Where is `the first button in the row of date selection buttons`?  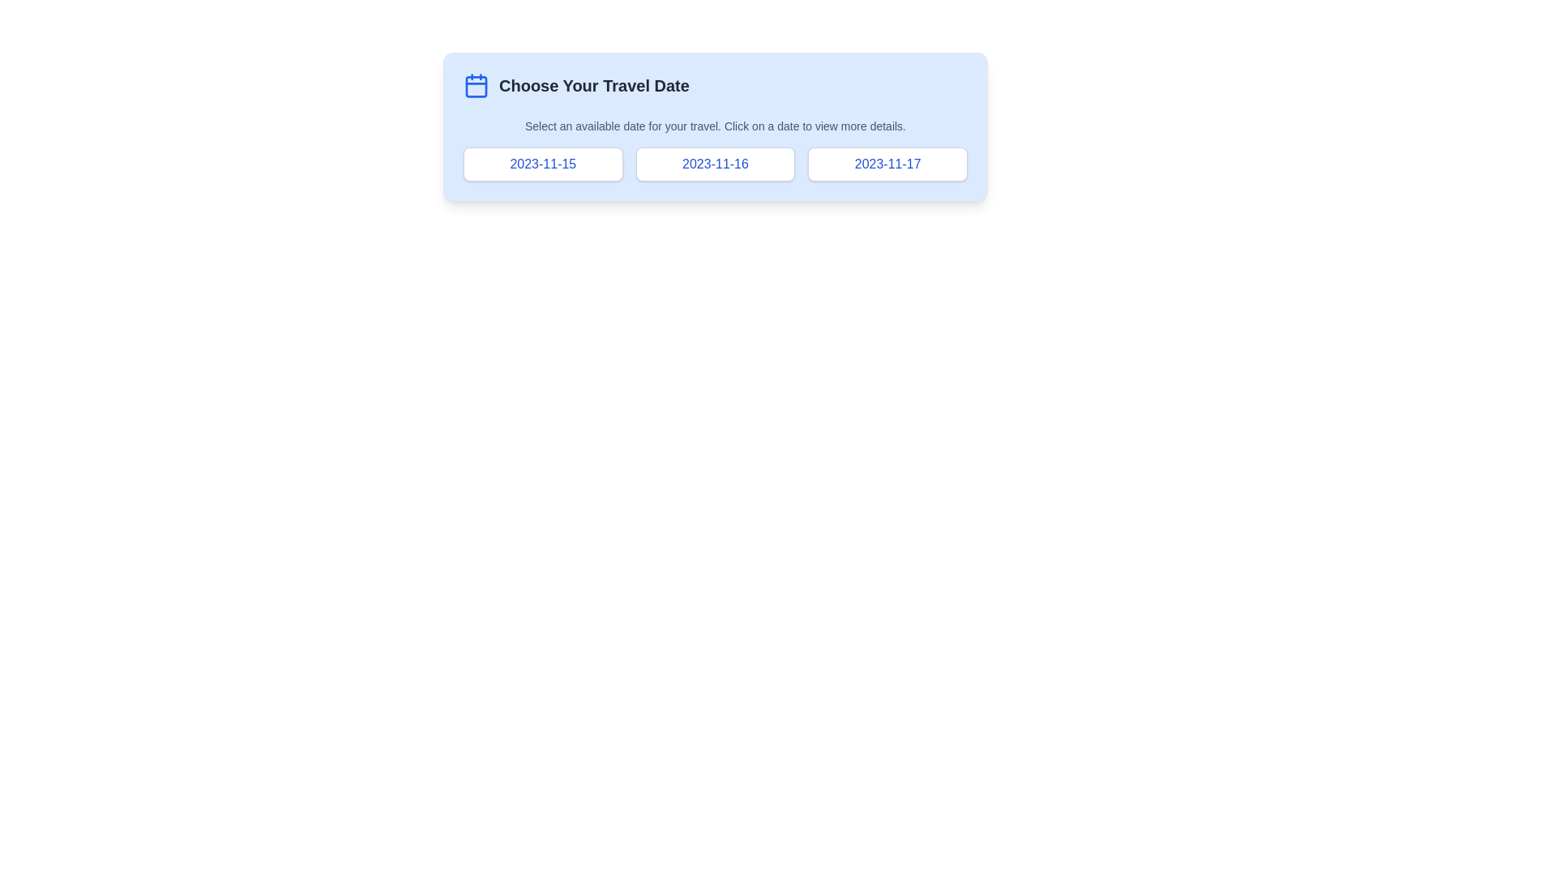
the first button in the row of date selection buttons is located at coordinates (543, 164).